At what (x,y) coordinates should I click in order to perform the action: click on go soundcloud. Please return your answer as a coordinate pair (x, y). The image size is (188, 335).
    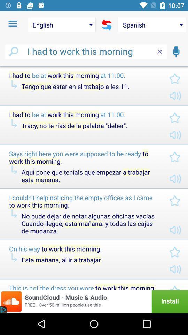
    Looking at the image, I should click on (94, 301).